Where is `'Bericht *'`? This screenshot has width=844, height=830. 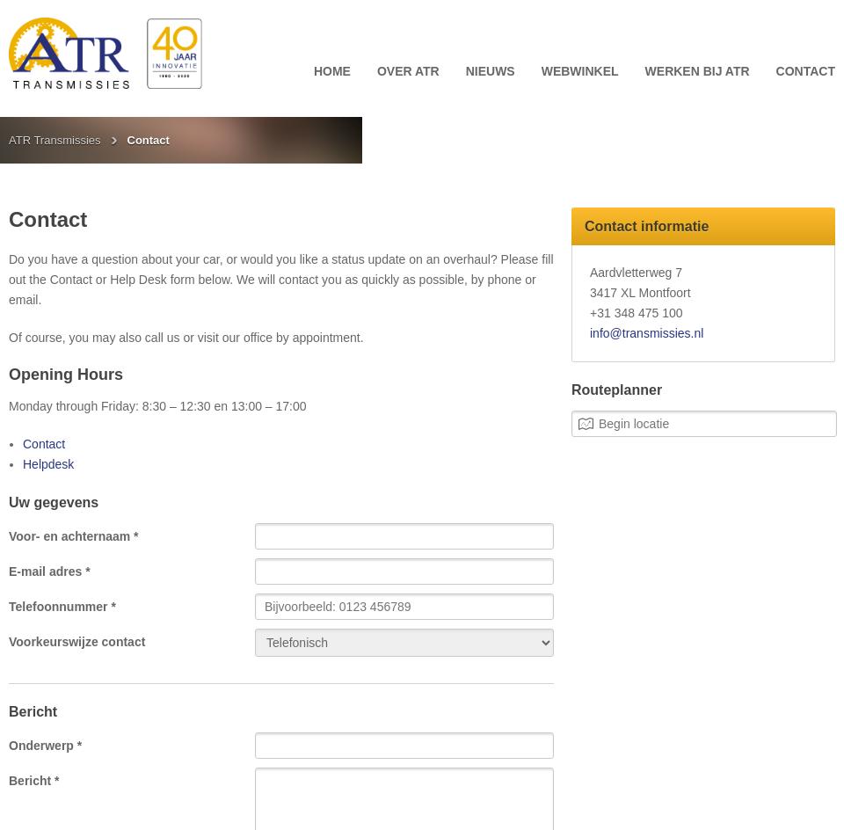 'Bericht *' is located at coordinates (7, 780).